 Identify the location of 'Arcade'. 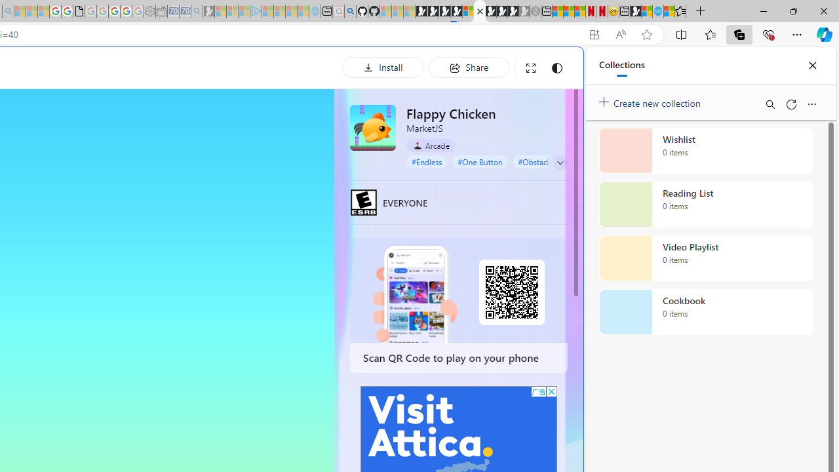
(431, 146).